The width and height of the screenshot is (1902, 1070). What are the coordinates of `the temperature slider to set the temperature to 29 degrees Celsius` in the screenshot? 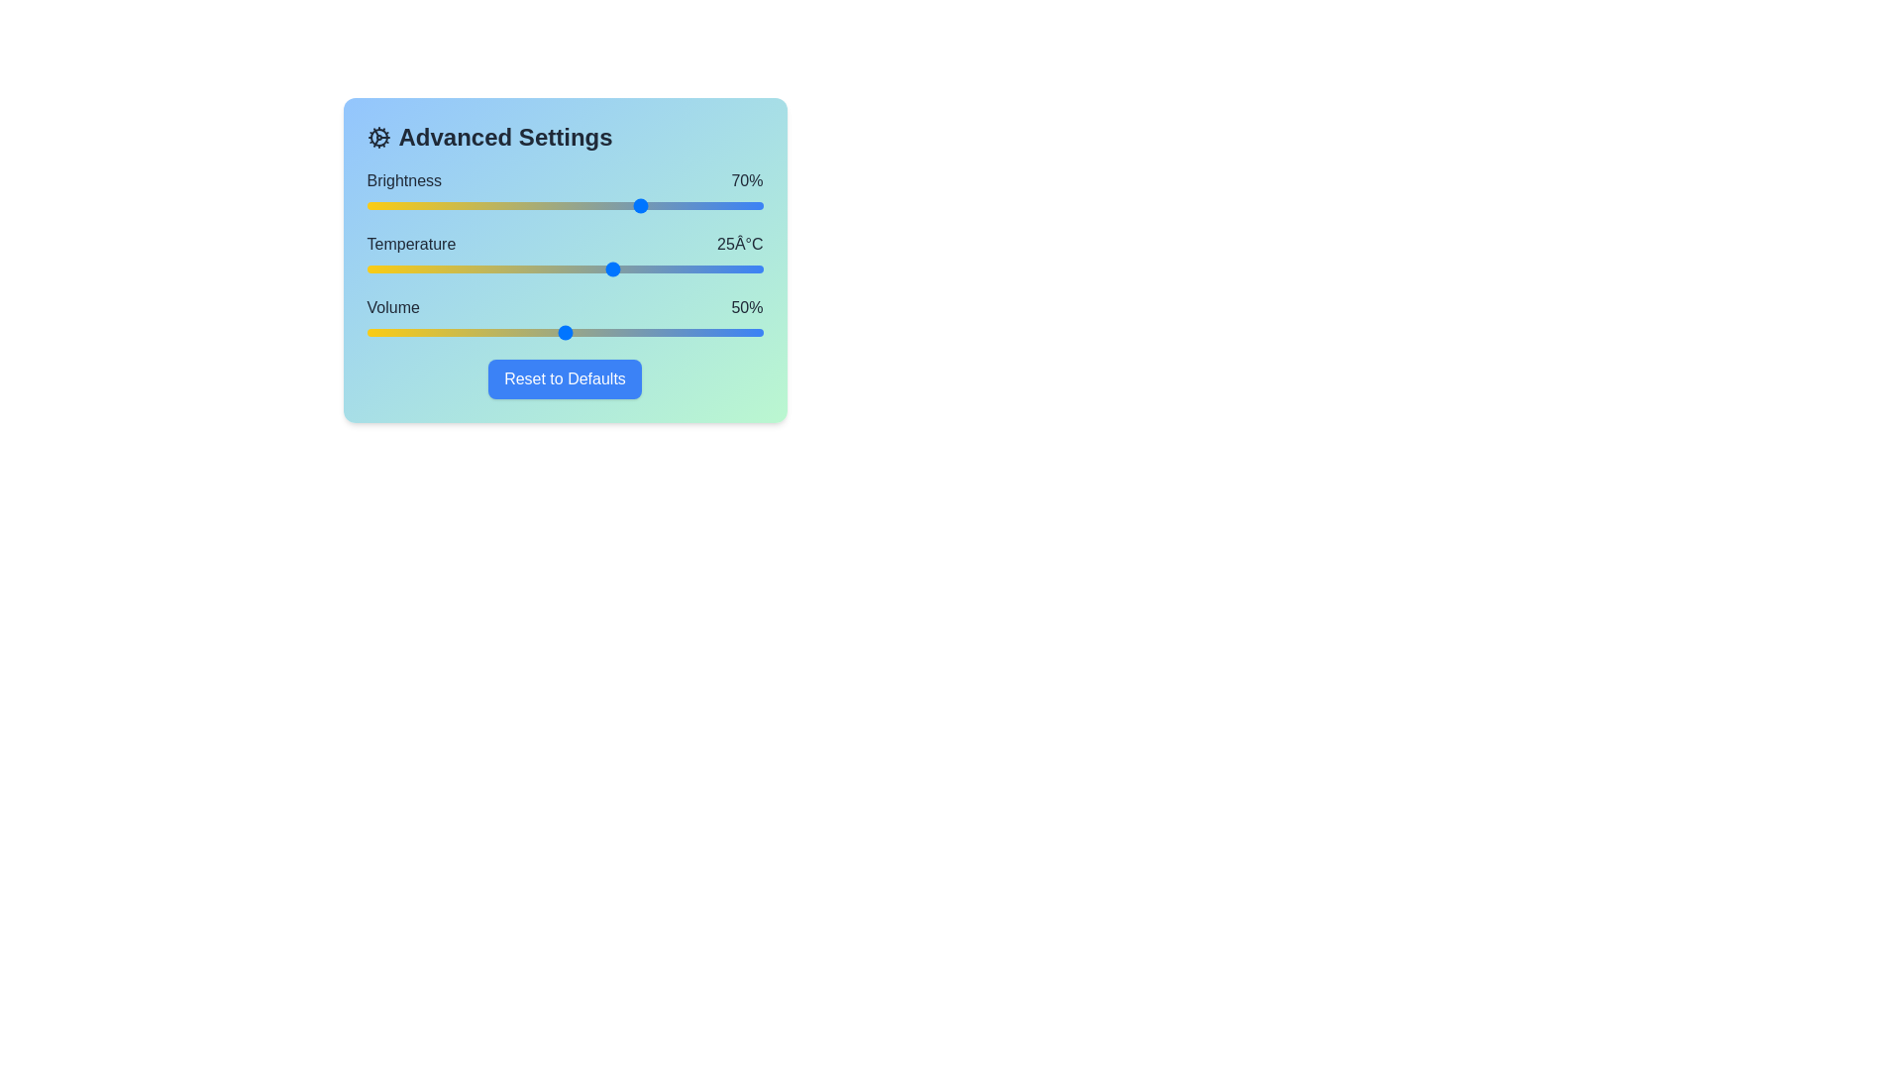 It's located at (654, 269).